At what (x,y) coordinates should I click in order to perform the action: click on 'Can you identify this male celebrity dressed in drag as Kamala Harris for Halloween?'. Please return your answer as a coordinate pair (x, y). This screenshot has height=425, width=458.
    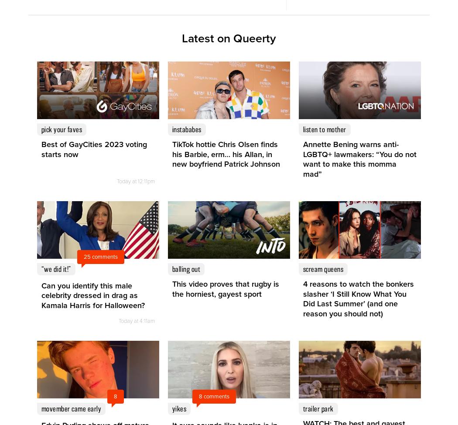
    Looking at the image, I should click on (41, 295).